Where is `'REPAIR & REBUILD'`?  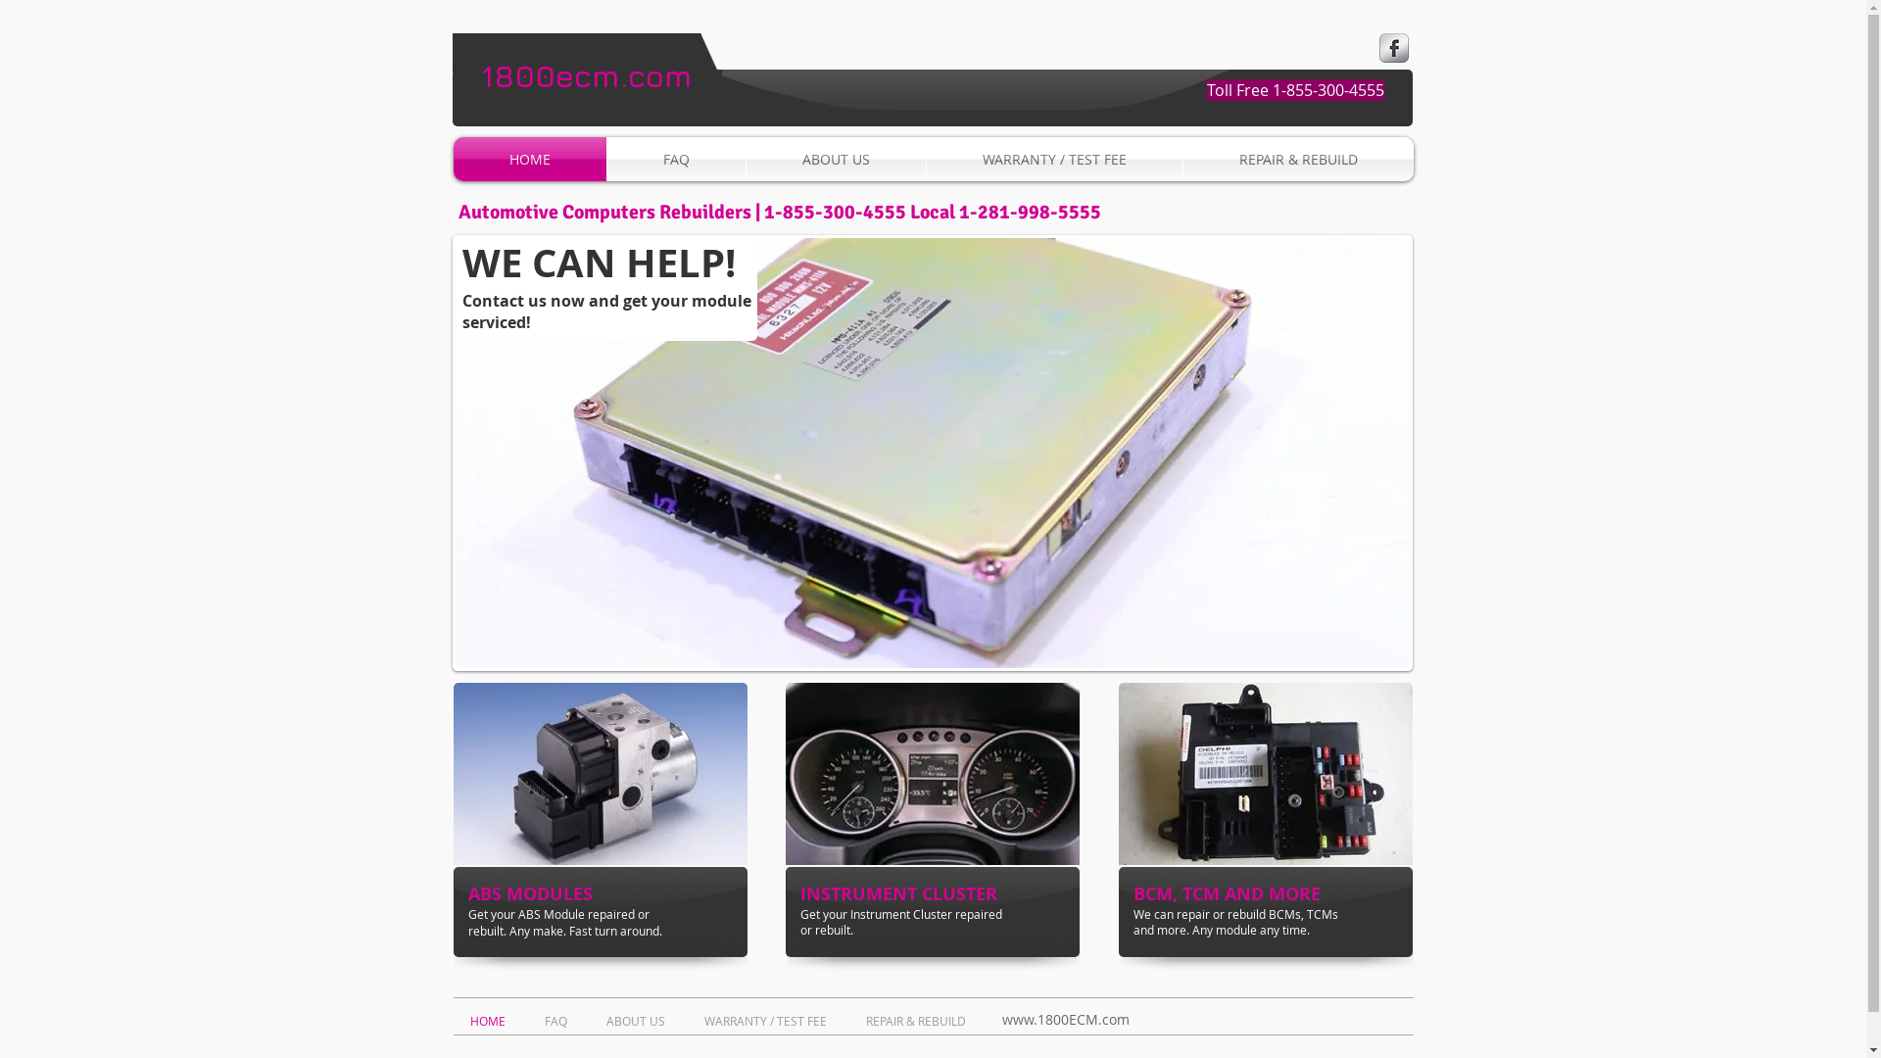
'REPAIR & REBUILD' is located at coordinates (918, 1018).